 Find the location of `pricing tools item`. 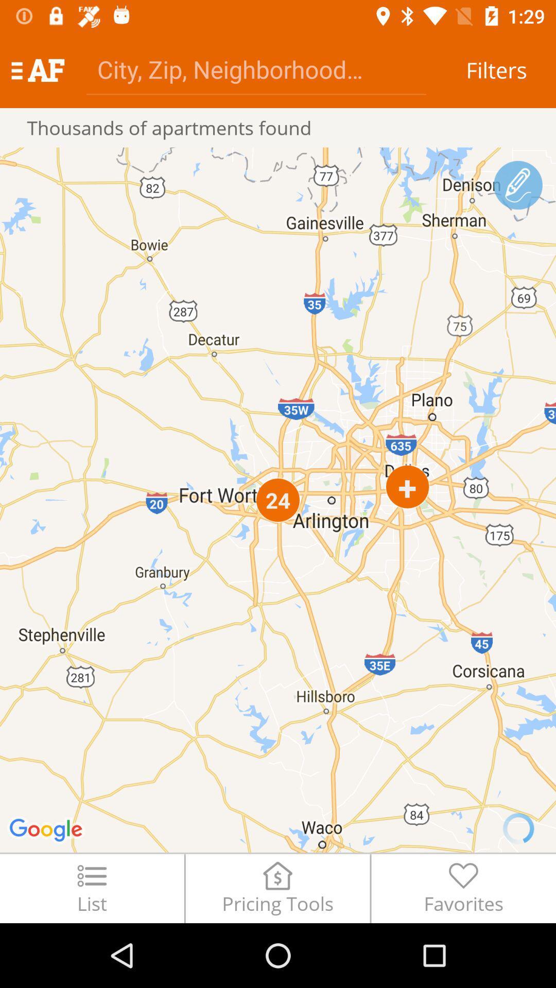

pricing tools item is located at coordinates (277, 888).